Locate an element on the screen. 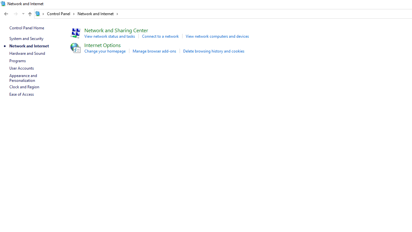 This screenshot has width=412, height=232. 'Navigation buttons' is located at coordinates (14, 14).